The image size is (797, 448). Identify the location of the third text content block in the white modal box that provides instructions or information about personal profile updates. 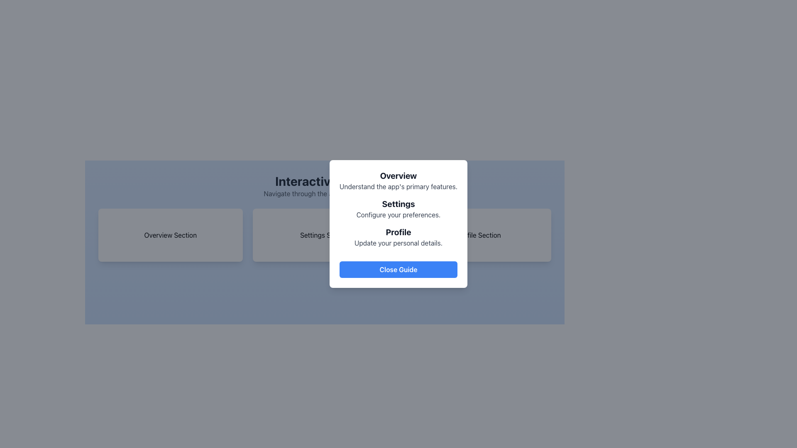
(398, 237).